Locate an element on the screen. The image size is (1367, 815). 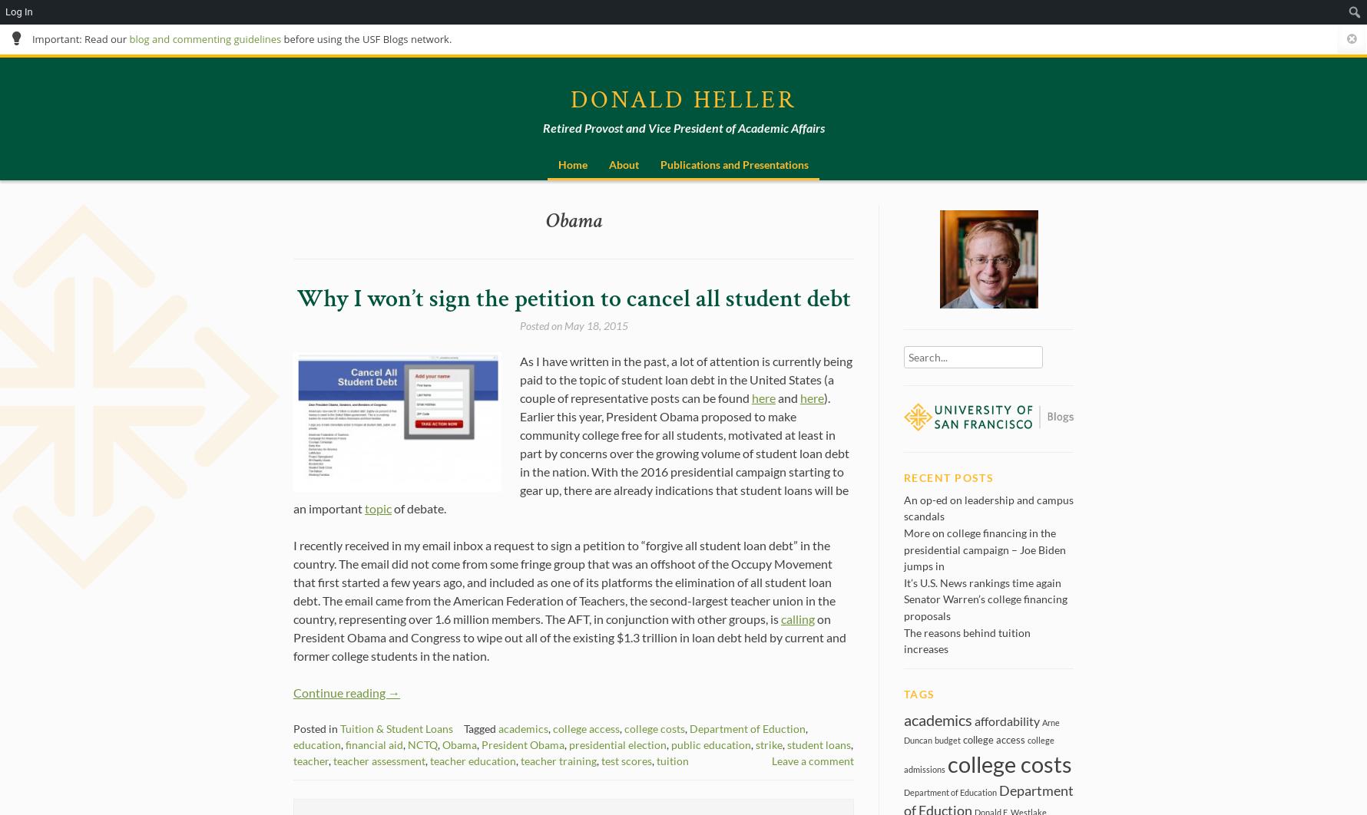
'college admissions' is located at coordinates (978, 753).